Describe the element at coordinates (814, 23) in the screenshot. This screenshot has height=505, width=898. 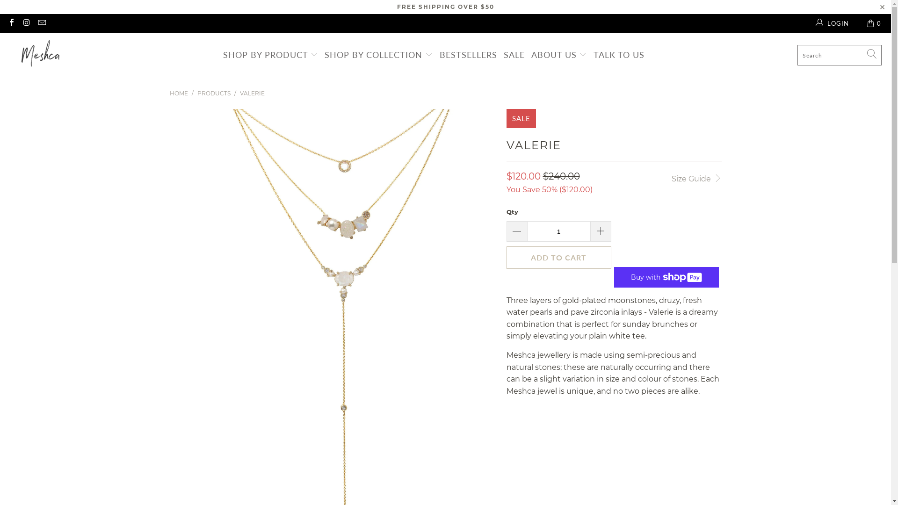
I see `'LOGIN'` at that location.